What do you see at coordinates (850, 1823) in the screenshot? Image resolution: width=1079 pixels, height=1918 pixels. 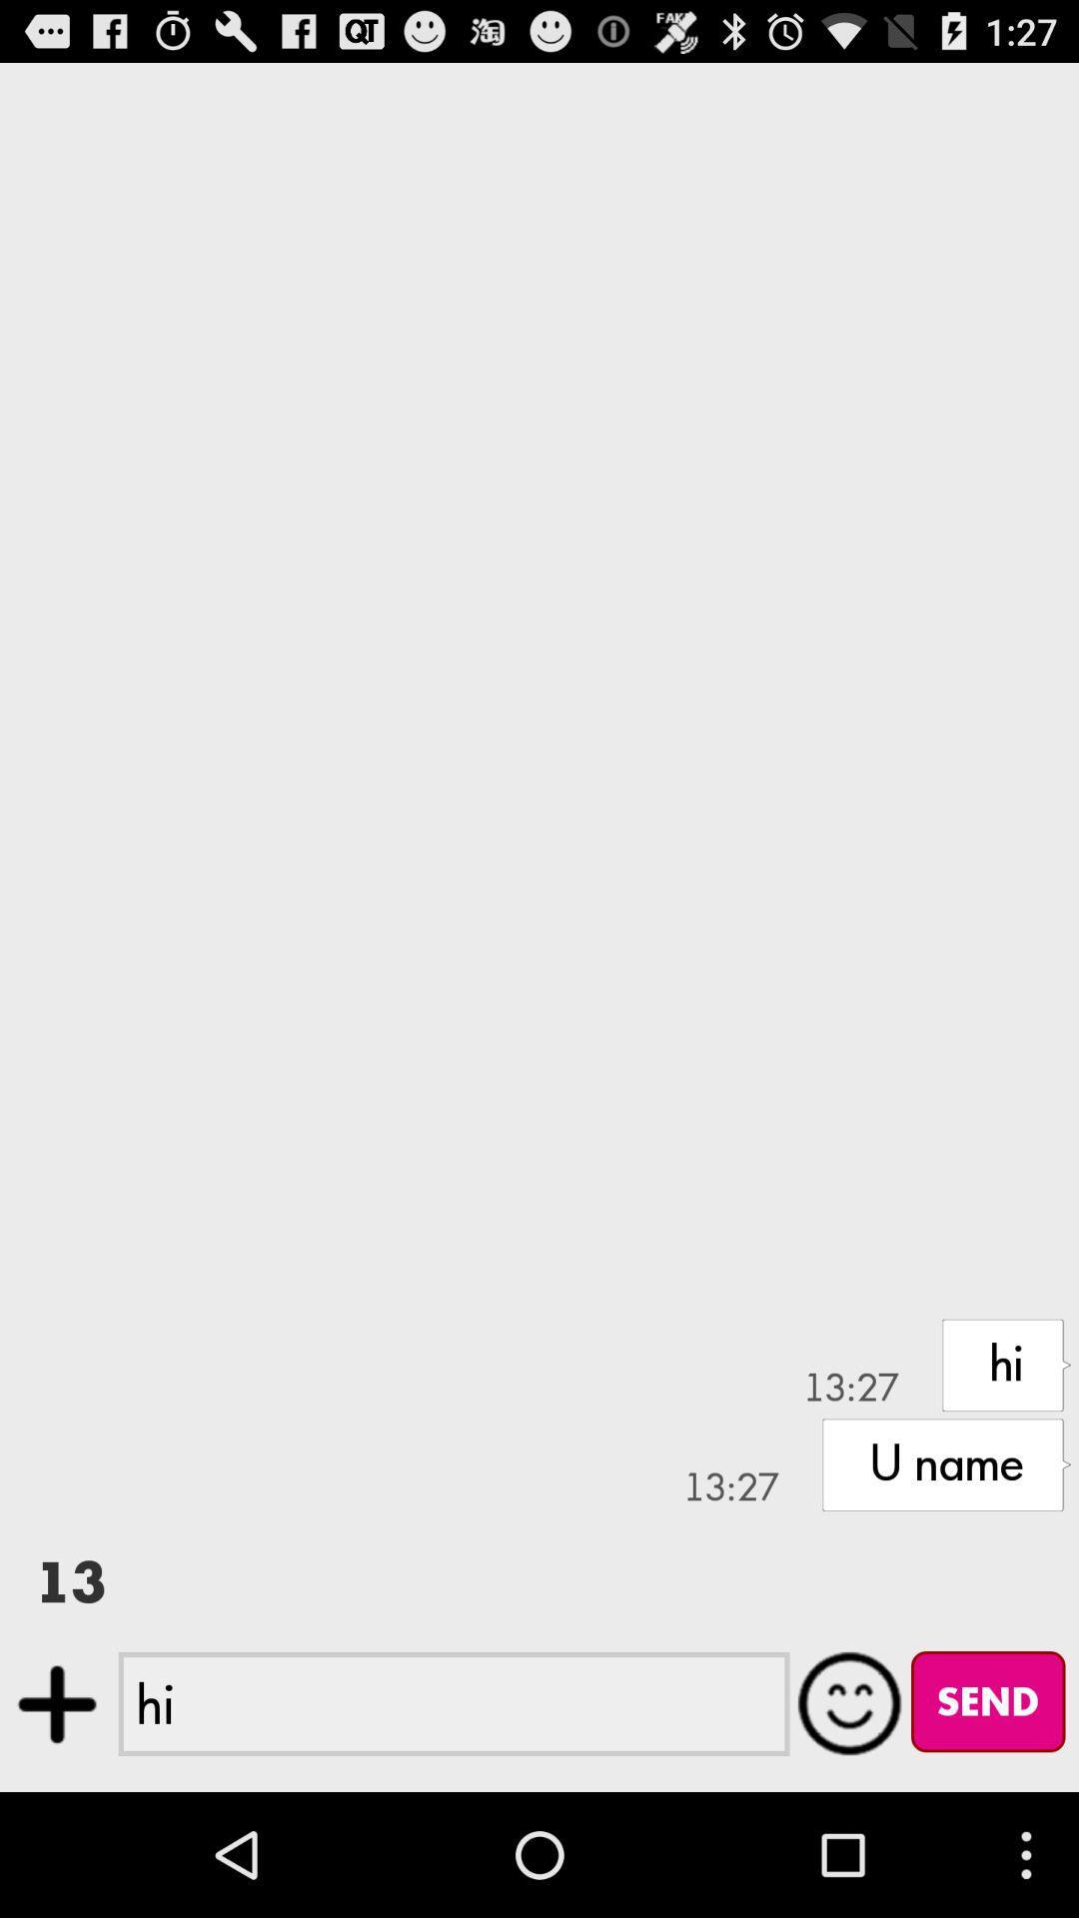 I see `the emoji icon` at bounding box center [850, 1823].